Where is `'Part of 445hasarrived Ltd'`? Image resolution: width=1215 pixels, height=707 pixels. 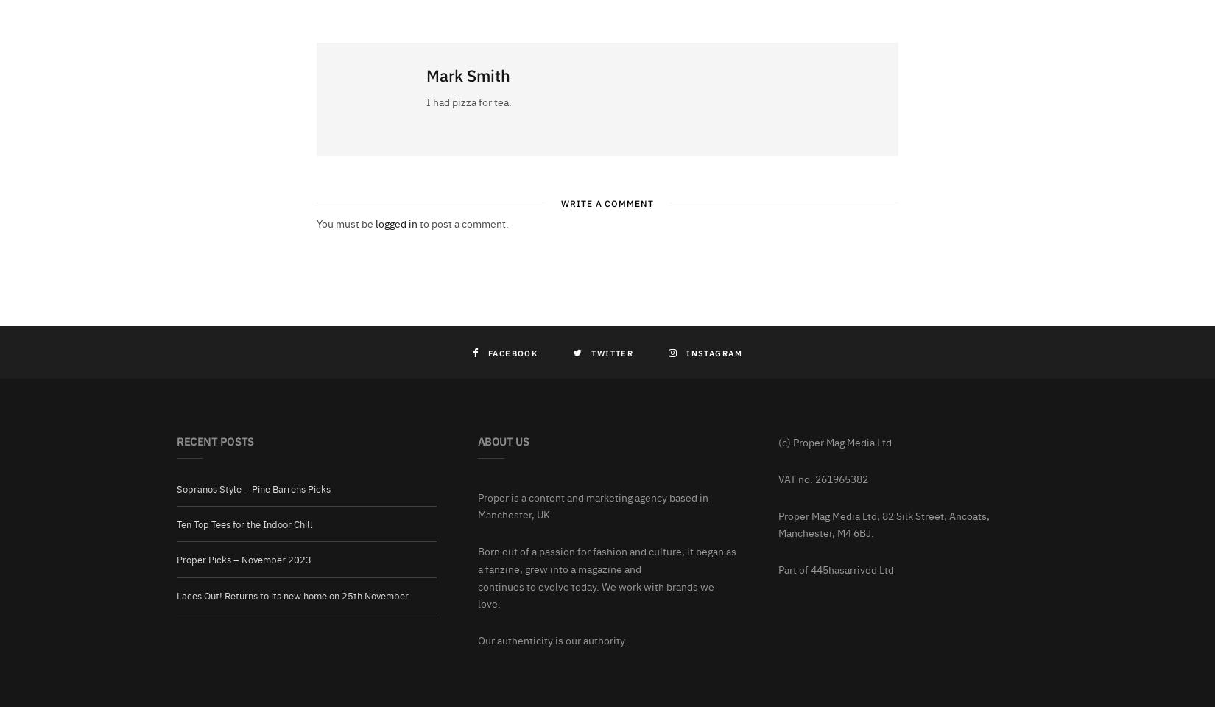
'Part of 445hasarrived Ltd' is located at coordinates (836, 568).